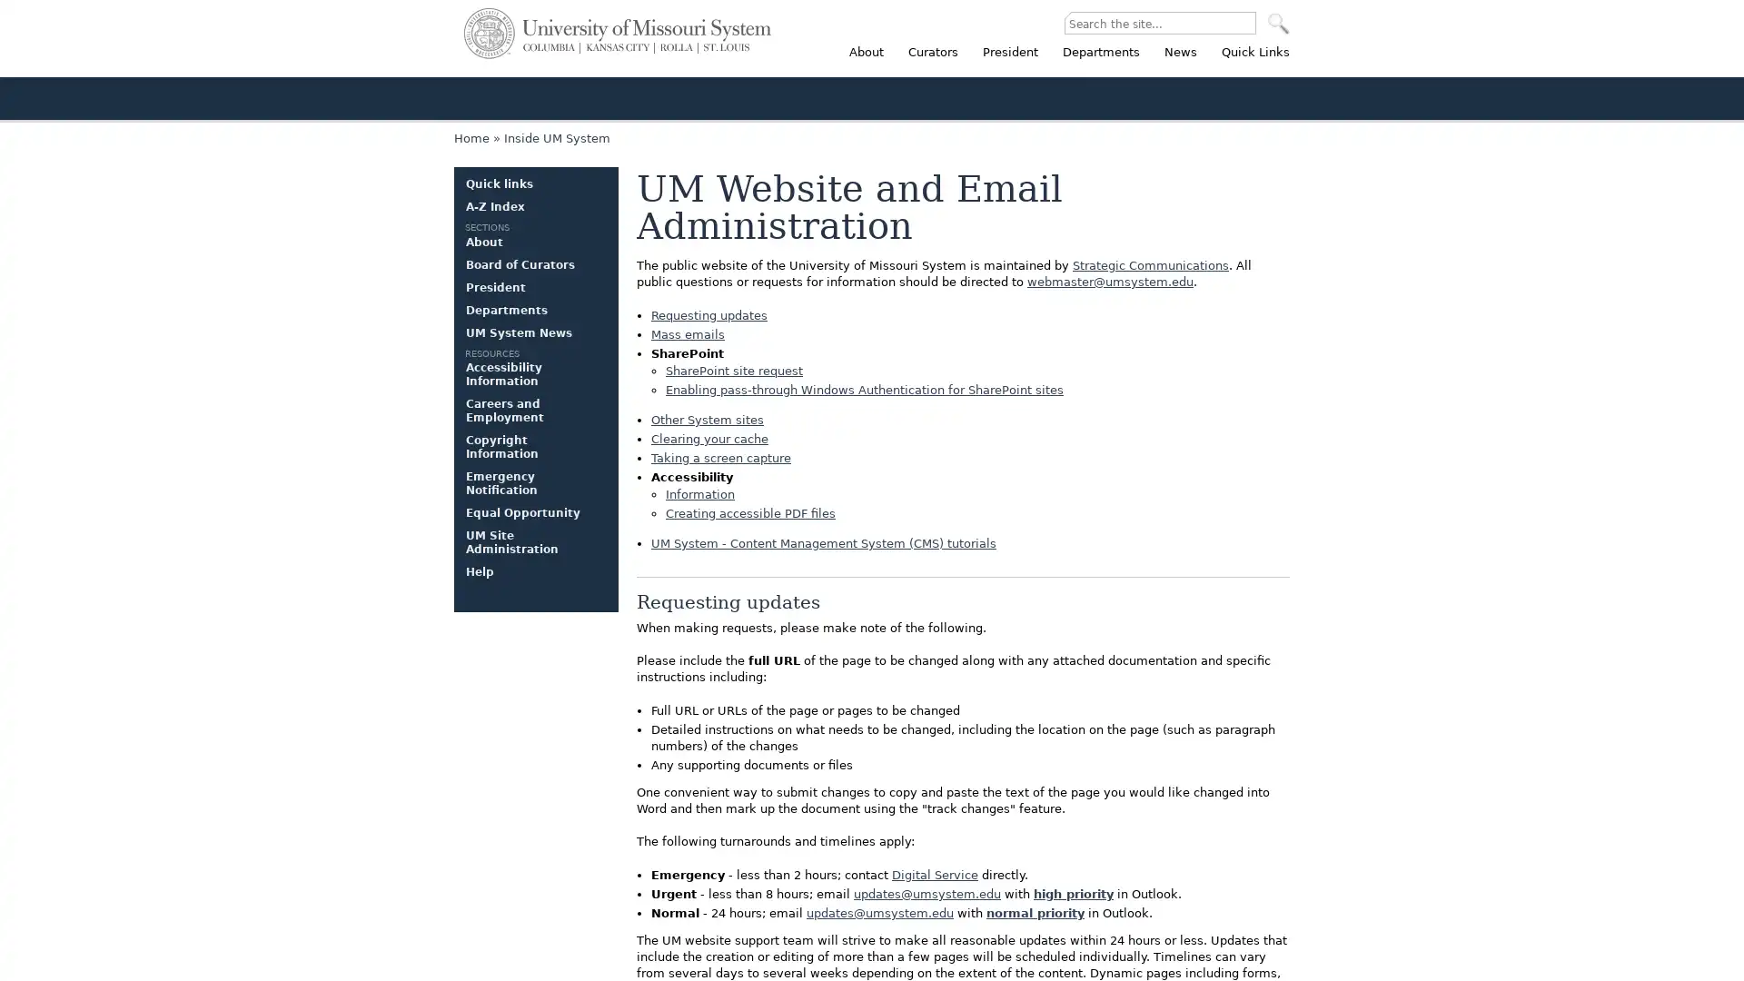  What do you see at coordinates (1277, 24) in the screenshot?
I see `SEARCH` at bounding box center [1277, 24].